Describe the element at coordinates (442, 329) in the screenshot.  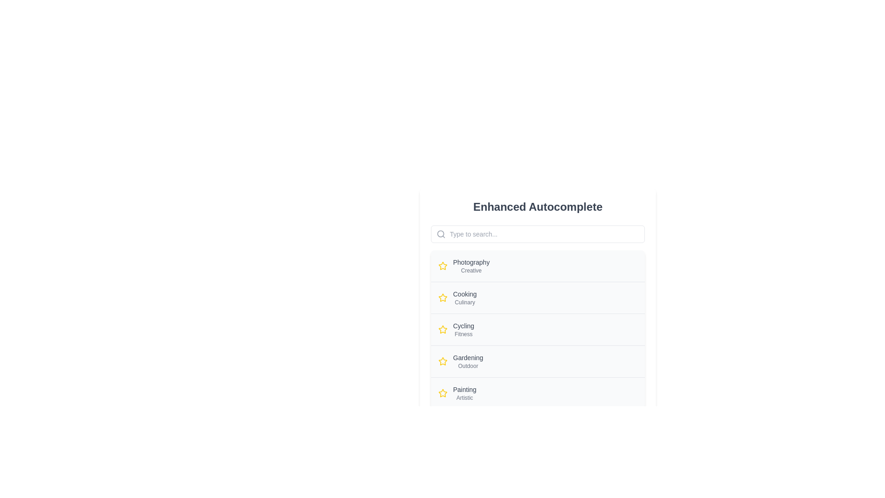
I see `the star-shaped SVG icon associated with the 'Cycling' list item to interact with it` at that location.